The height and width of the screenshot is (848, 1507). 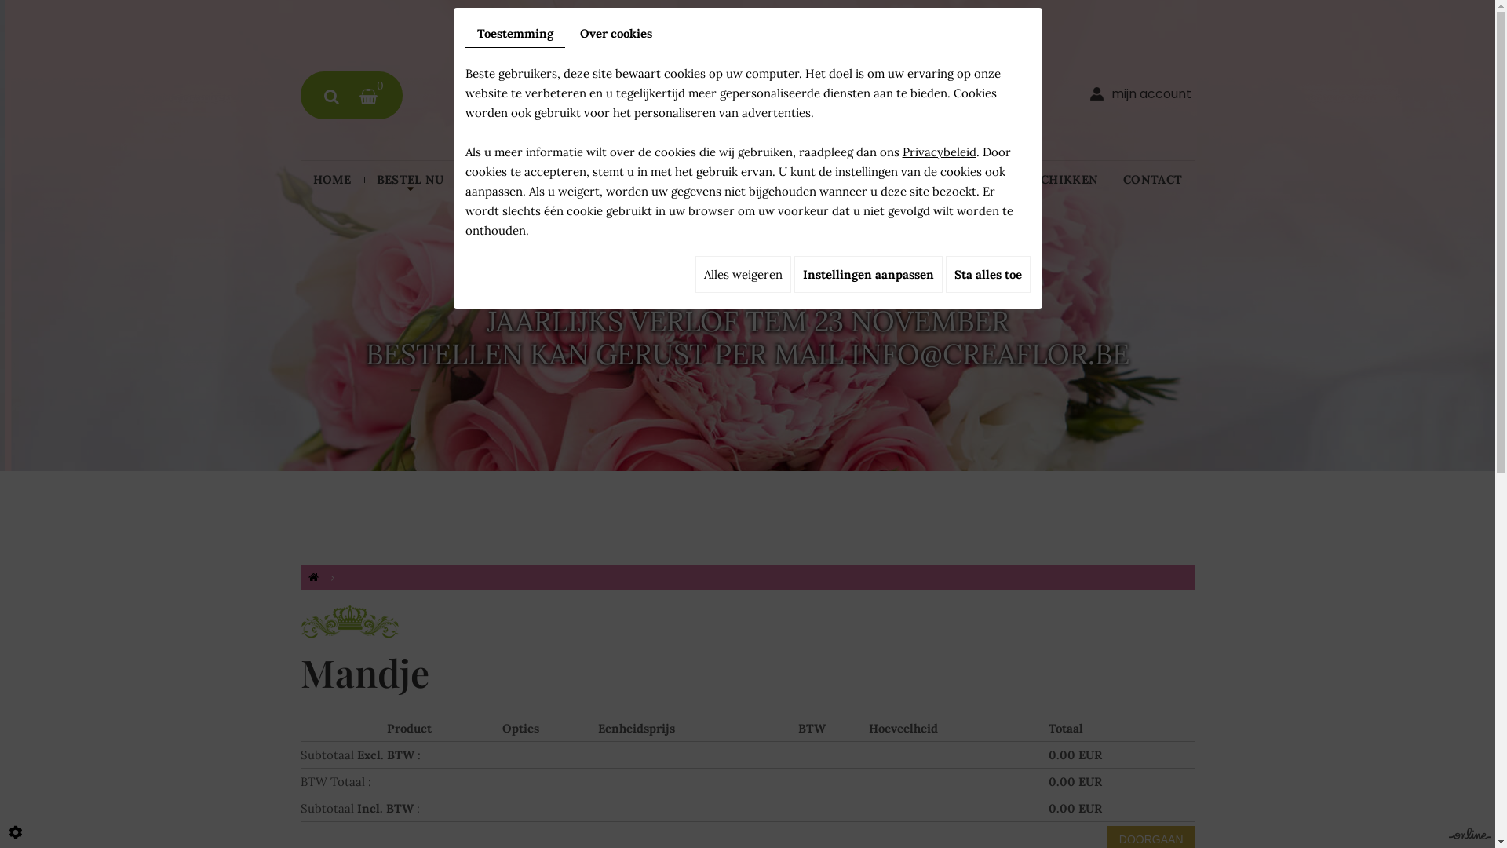 What do you see at coordinates (411, 178) in the screenshot?
I see `'BESTEL NU'` at bounding box center [411, 178].